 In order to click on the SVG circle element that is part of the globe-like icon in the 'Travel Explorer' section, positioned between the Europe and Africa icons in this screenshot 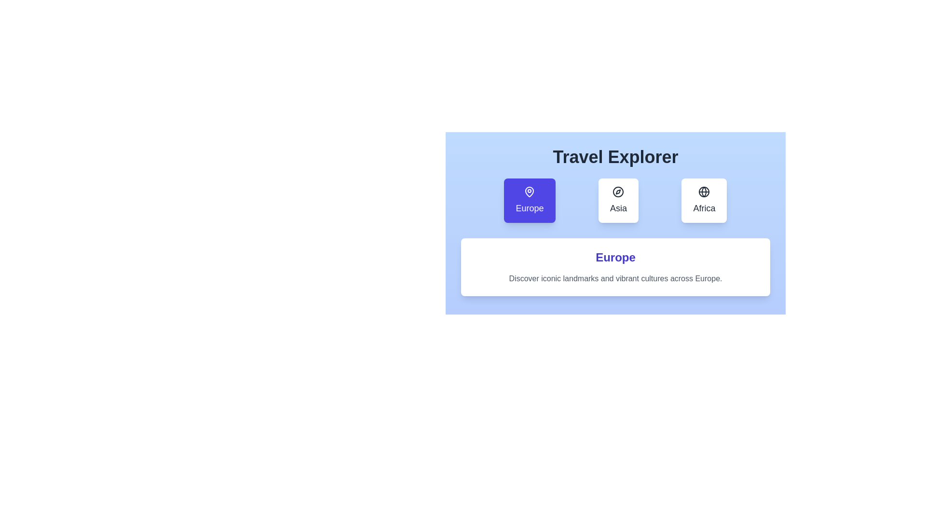, I will do `click(704, 192)`.